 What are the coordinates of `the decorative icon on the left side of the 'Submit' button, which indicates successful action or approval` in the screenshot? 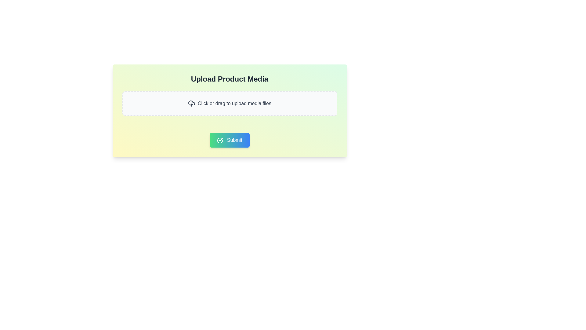 It's located at (220, 140).